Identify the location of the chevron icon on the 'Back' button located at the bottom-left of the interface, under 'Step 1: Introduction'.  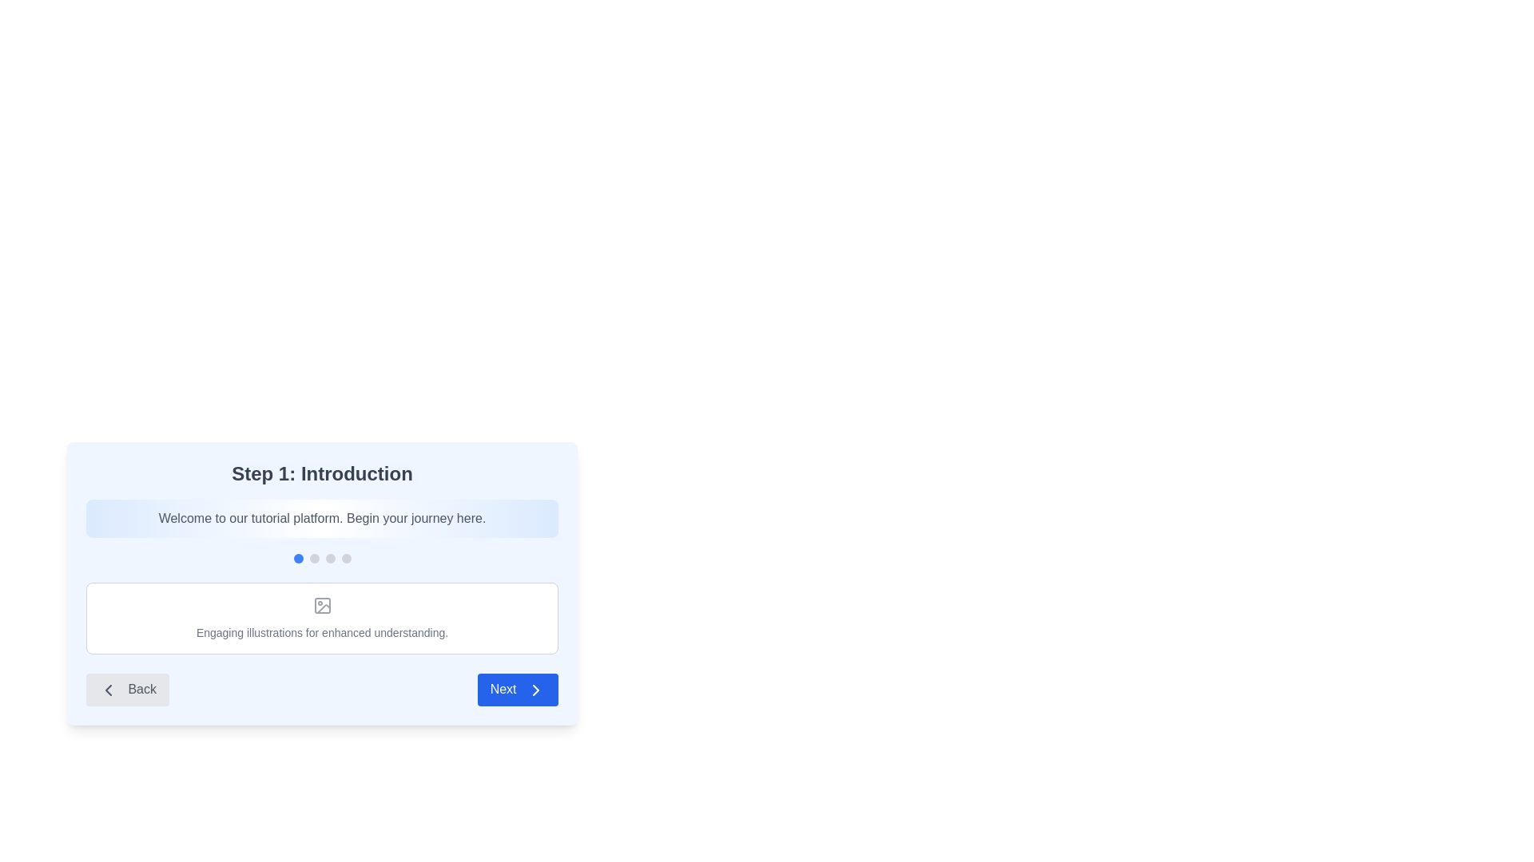
(107, 689).